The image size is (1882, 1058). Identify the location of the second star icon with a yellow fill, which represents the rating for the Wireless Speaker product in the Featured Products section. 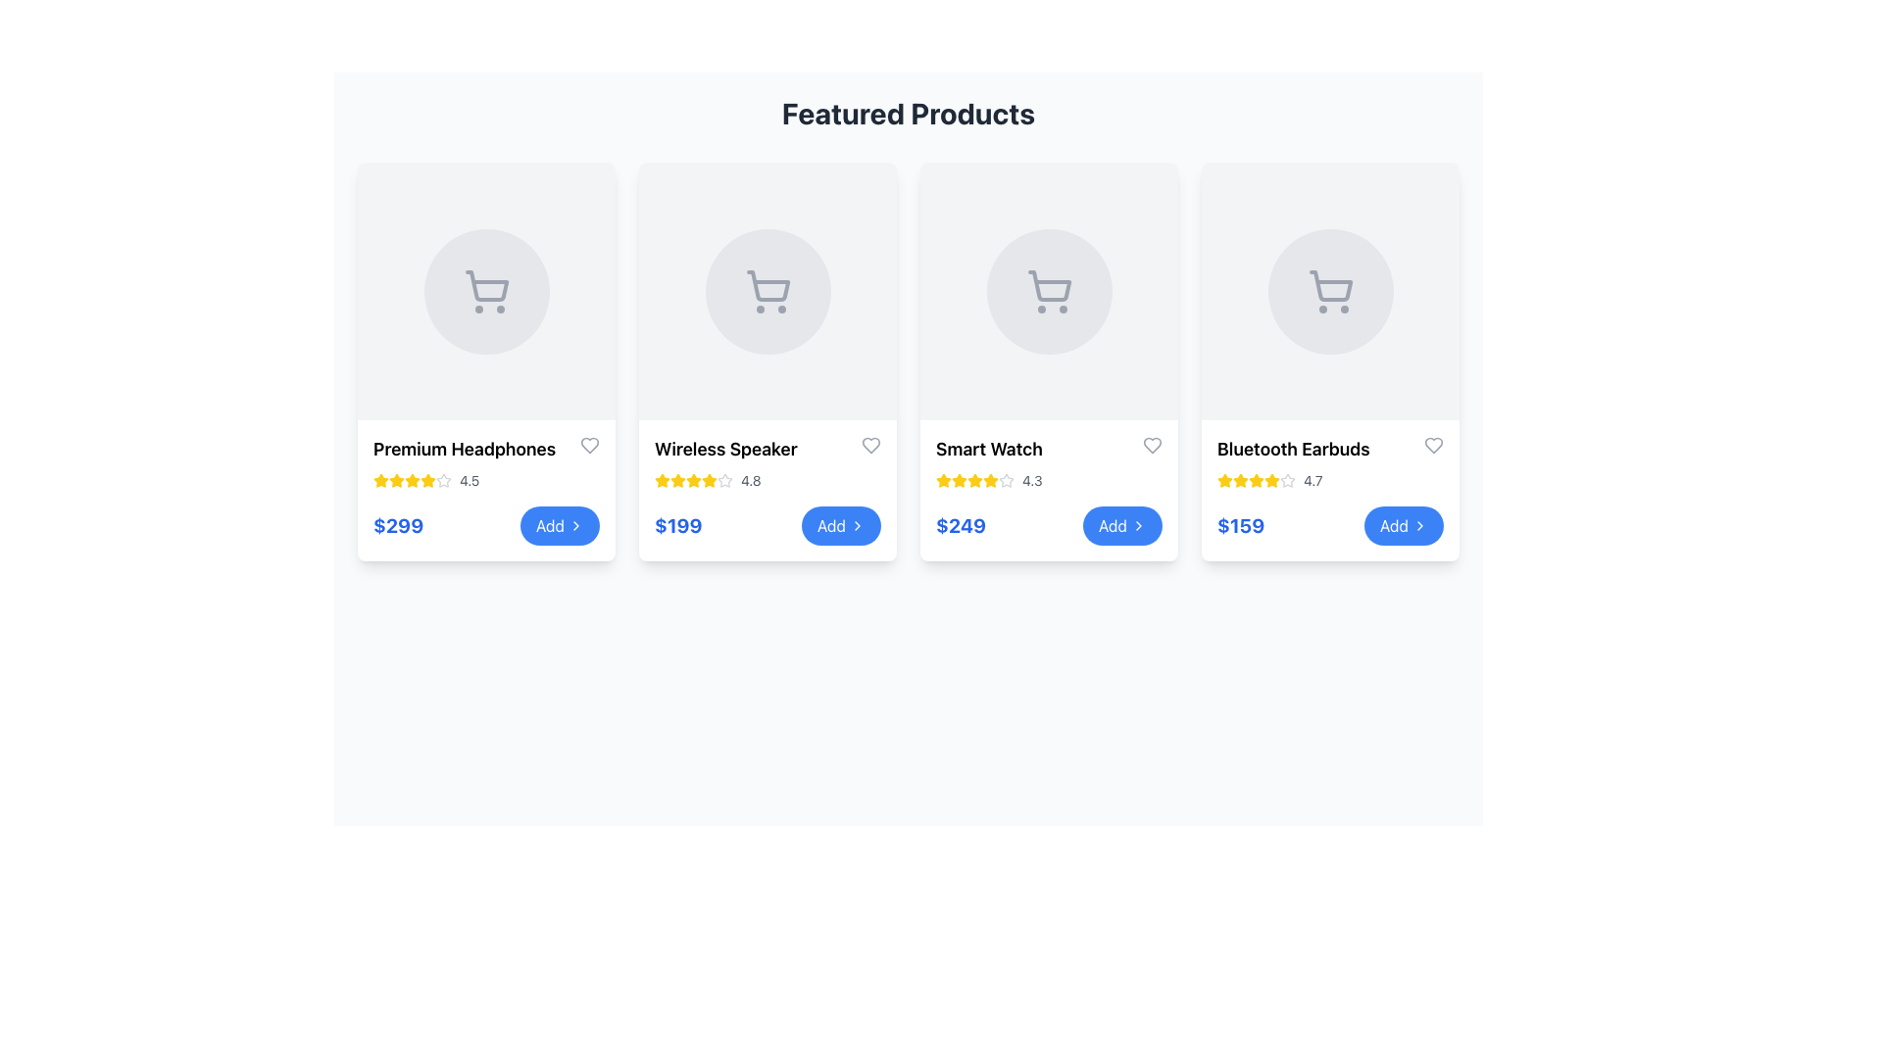
(677, 480).